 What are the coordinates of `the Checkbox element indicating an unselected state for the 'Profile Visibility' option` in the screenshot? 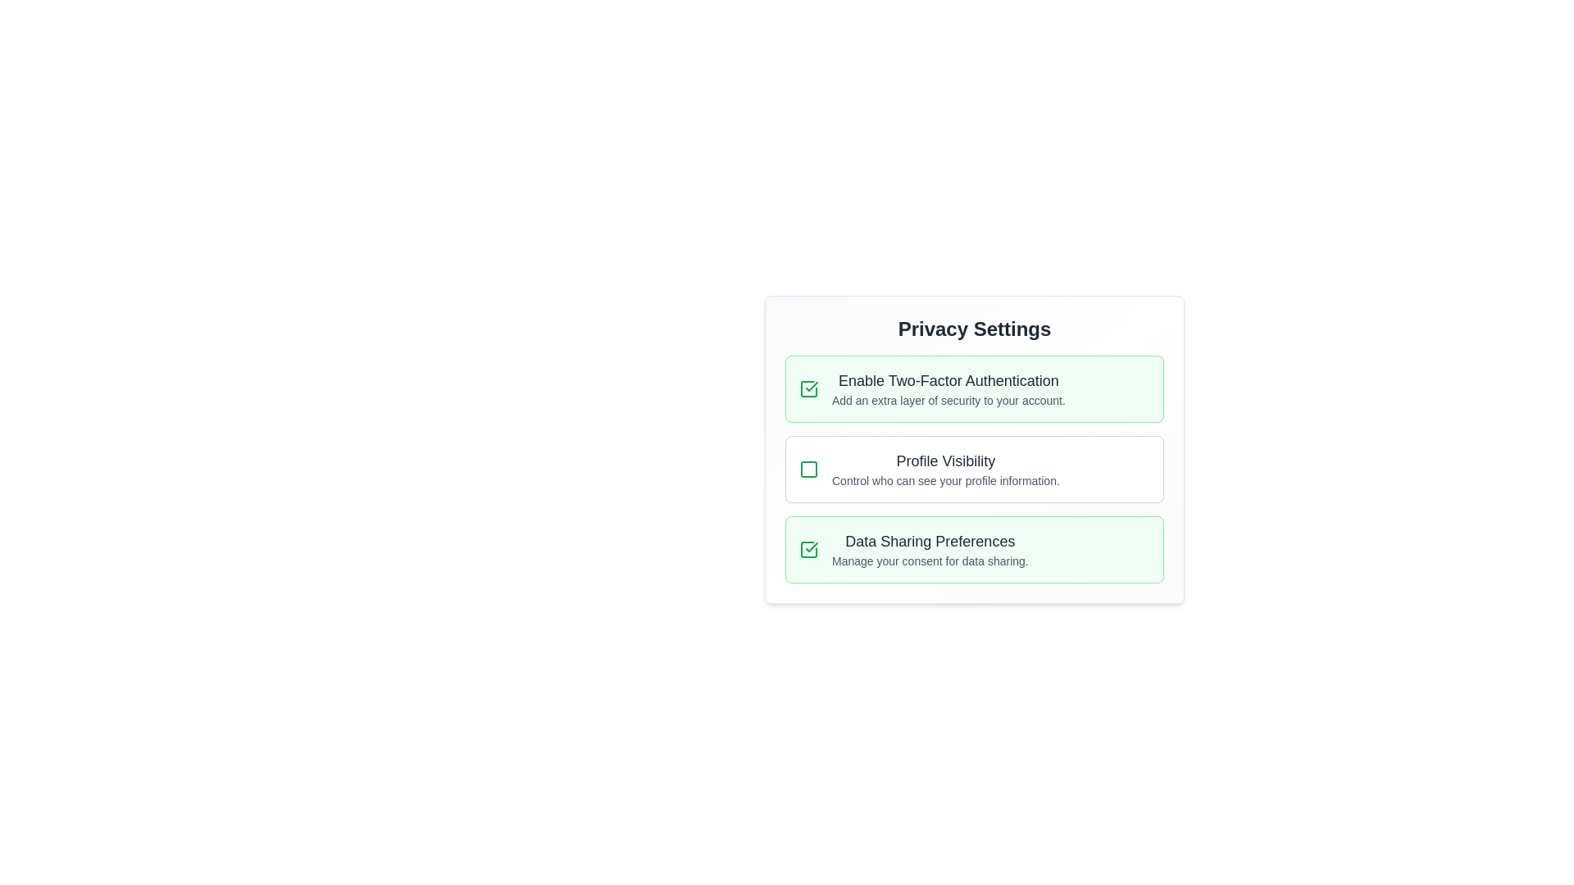 It's located at (809, 470).